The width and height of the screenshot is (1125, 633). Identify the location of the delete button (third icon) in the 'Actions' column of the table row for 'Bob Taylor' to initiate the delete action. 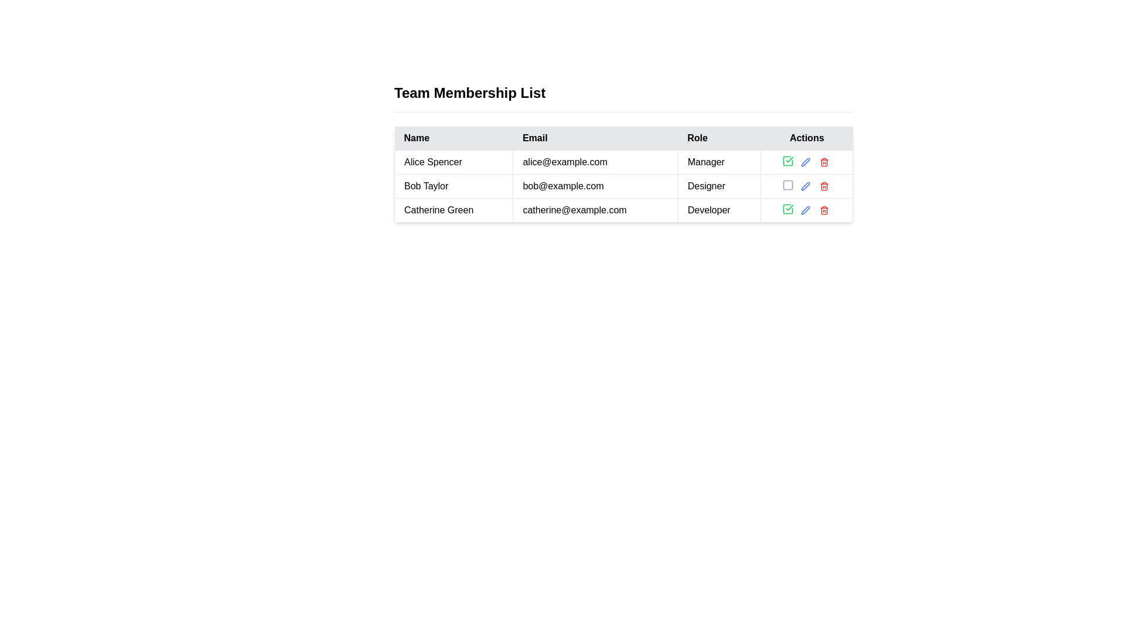
(824, 185).